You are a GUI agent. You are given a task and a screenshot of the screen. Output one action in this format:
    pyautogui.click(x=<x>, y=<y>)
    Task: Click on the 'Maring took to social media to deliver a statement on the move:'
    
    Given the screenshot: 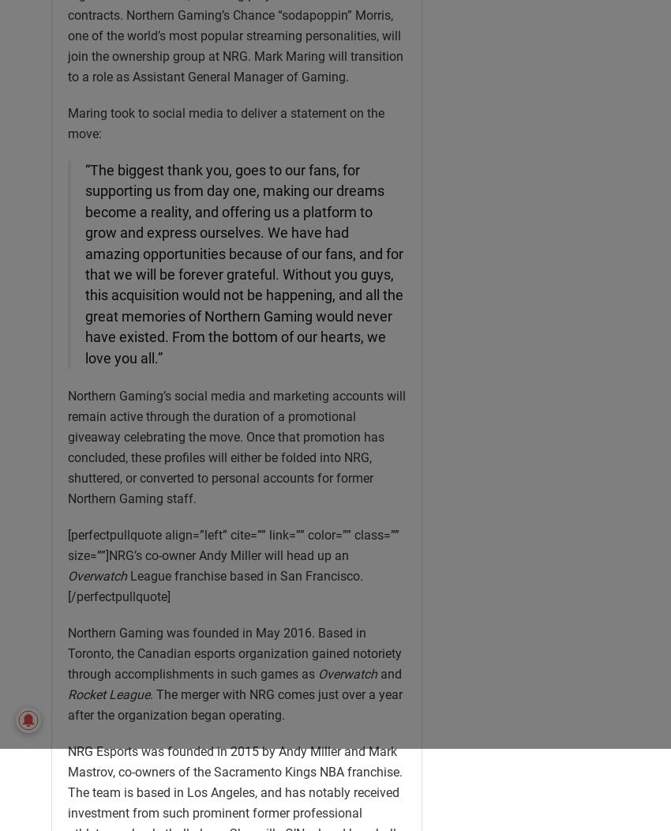 What is the action you would take?
    pyautogui.click(x=225, y=122)
    